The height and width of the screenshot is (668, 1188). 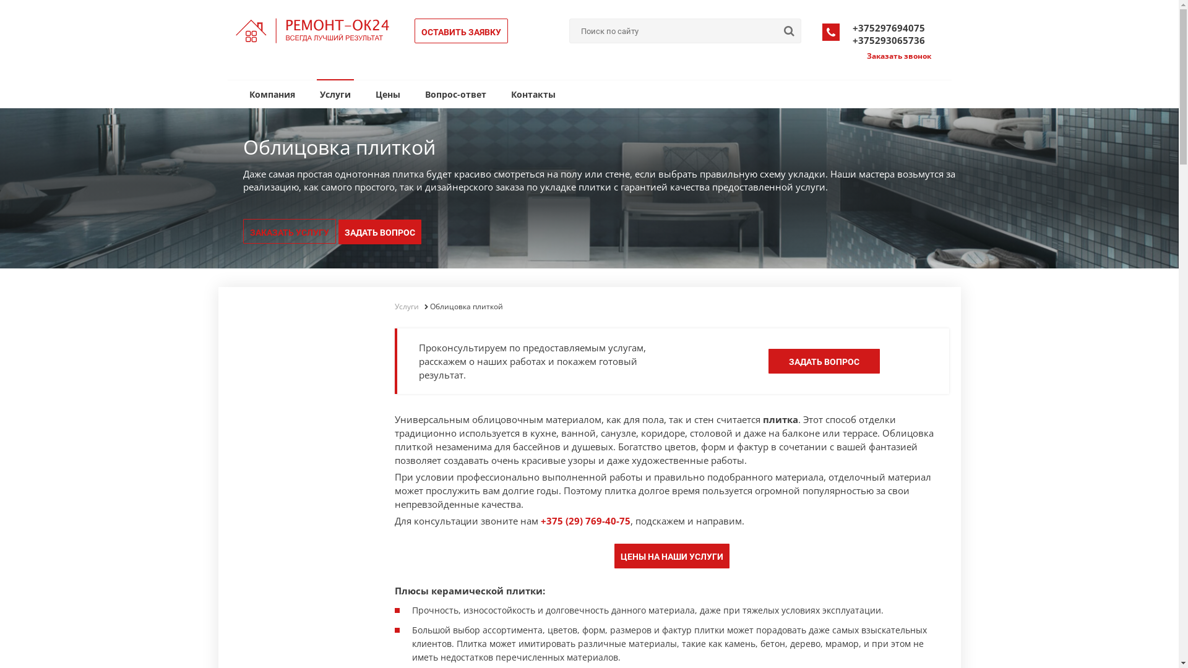 I want to click on '+375293065736', so click(x=888, y=40).